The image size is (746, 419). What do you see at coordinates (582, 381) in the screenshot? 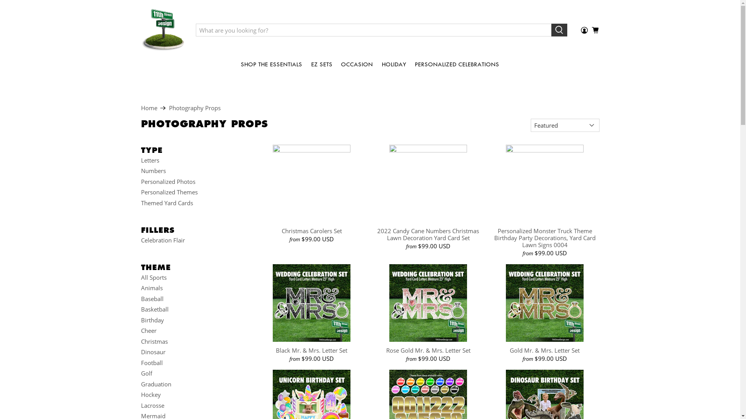
I see `'INR'` at bounding box center [582, 381].